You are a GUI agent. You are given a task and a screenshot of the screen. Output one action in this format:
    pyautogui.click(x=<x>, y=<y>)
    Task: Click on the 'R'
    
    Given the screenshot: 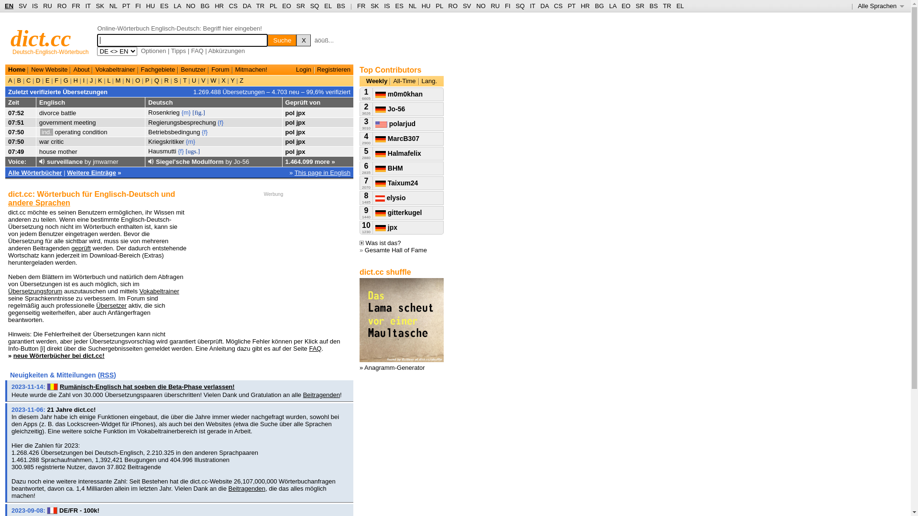 What is the action you would take?
    pyautogui.click(x=163, y=80)
    